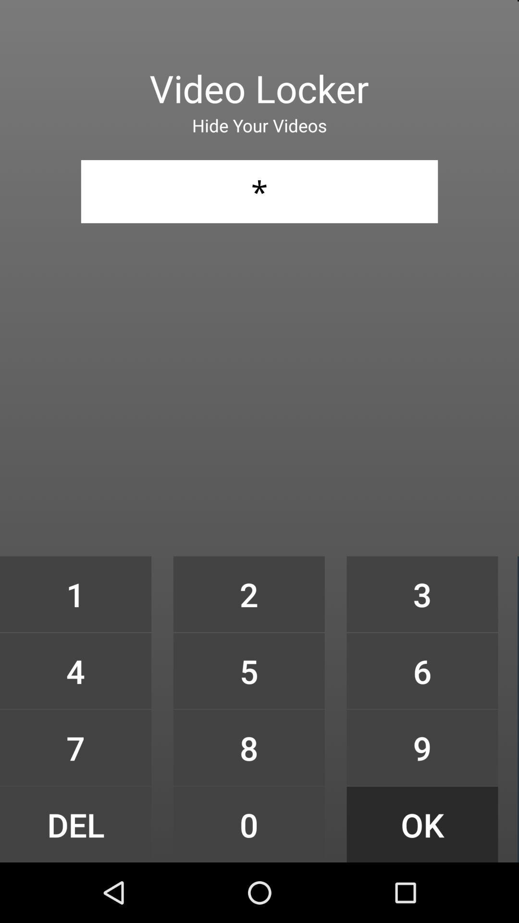 The height and width of the screenshot is (923, 519). What do you see at coordinates (75, 747) in the screenshot?
I see `icon to the left of the 5` at bounding box center [75, 747].